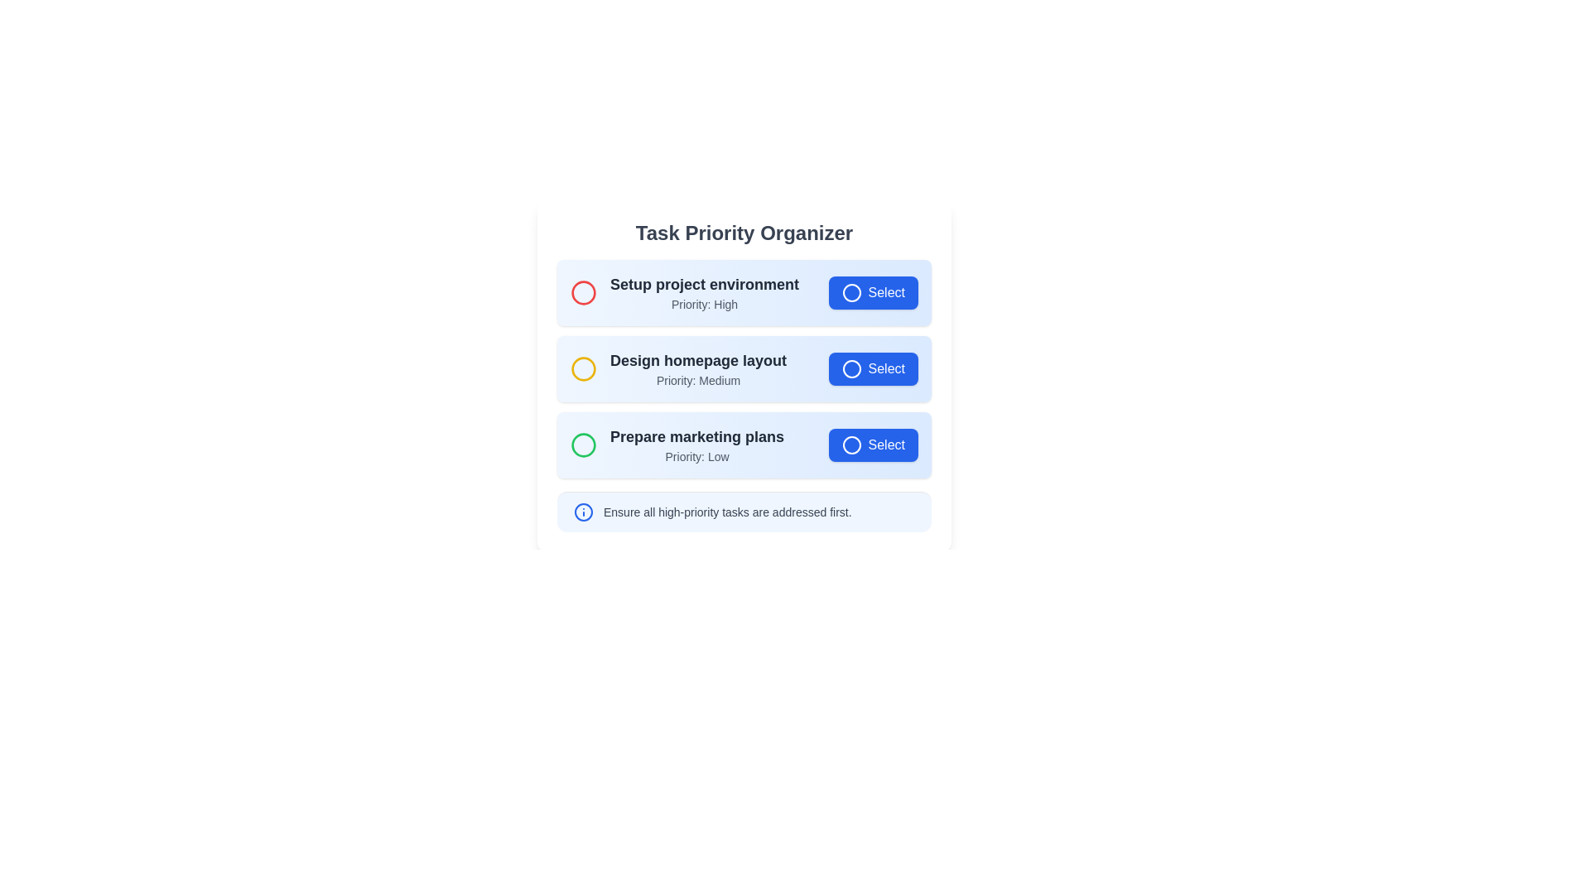 Image resolution: width=1590 pixels, height=894 pixels. Describe the element at coordinates (851, 292) in the screenshot. I see `the Circle SVG icon located on the rightmost edge of the 'Select' button in the first row under 'Setup project environment - Priority: High' to interact with it` at that location.